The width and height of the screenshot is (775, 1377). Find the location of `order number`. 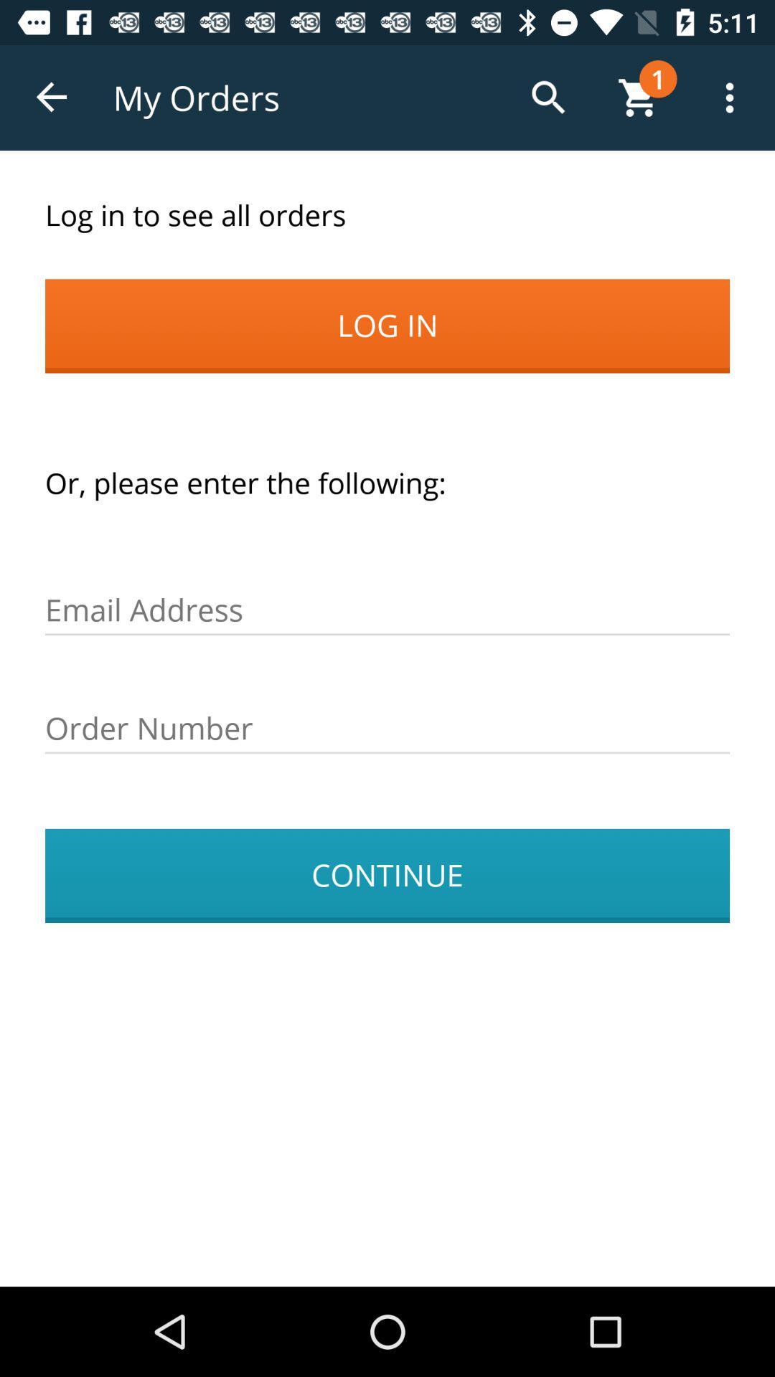

order number is located at coordinates (387, 729).